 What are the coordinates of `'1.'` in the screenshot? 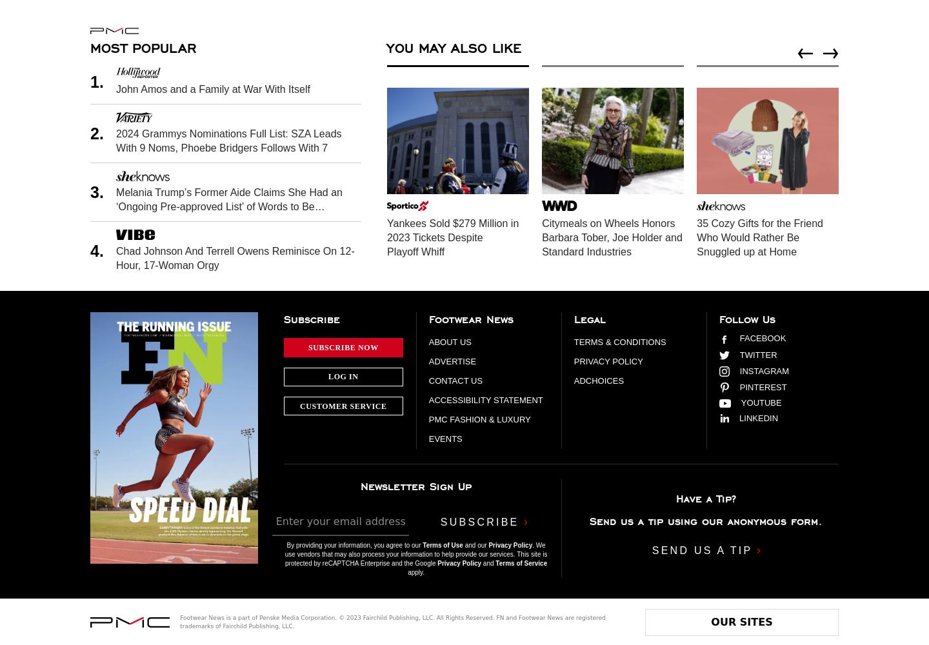 It's located at (96, 81).